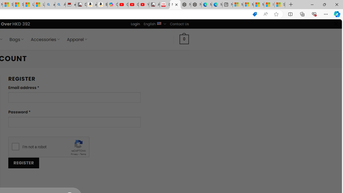  I want to click on 'Terms', so click(83, 154).